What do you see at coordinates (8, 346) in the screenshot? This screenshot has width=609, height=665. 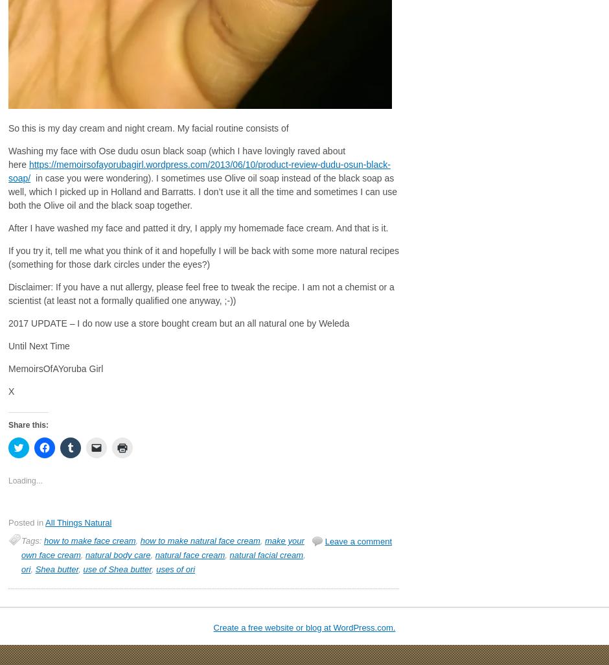 I see `'Until Next Time'` at bounding box center [8, 346].